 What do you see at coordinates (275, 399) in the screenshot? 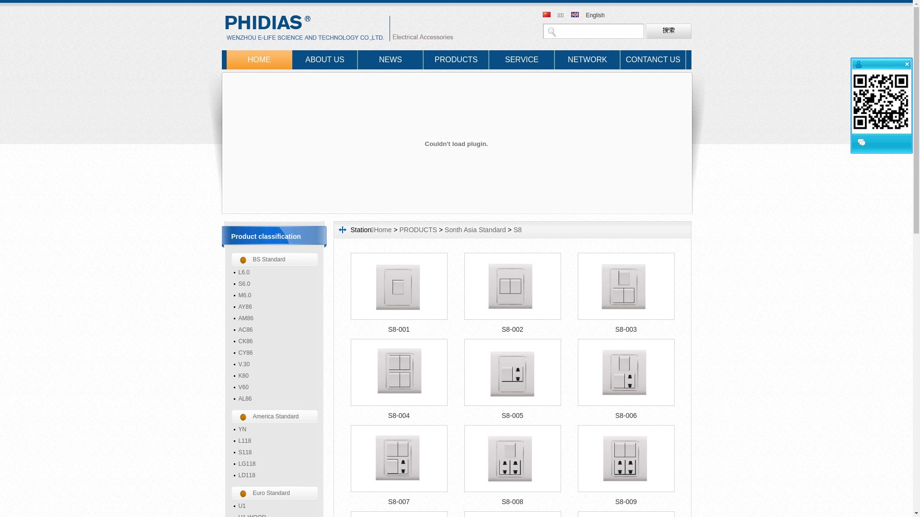
I see `'AL86'` at bounding box center [275, 399].